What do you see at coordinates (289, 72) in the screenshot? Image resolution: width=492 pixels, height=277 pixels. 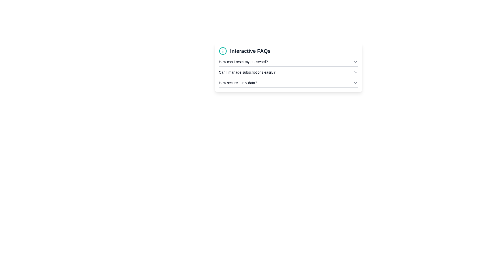 I see `the second Collapsible FAQ entry in the 'Interactive FAQs' section, which is related to the query 'Can I manage subscriptions easily?'` at bounding box center [289, 72].